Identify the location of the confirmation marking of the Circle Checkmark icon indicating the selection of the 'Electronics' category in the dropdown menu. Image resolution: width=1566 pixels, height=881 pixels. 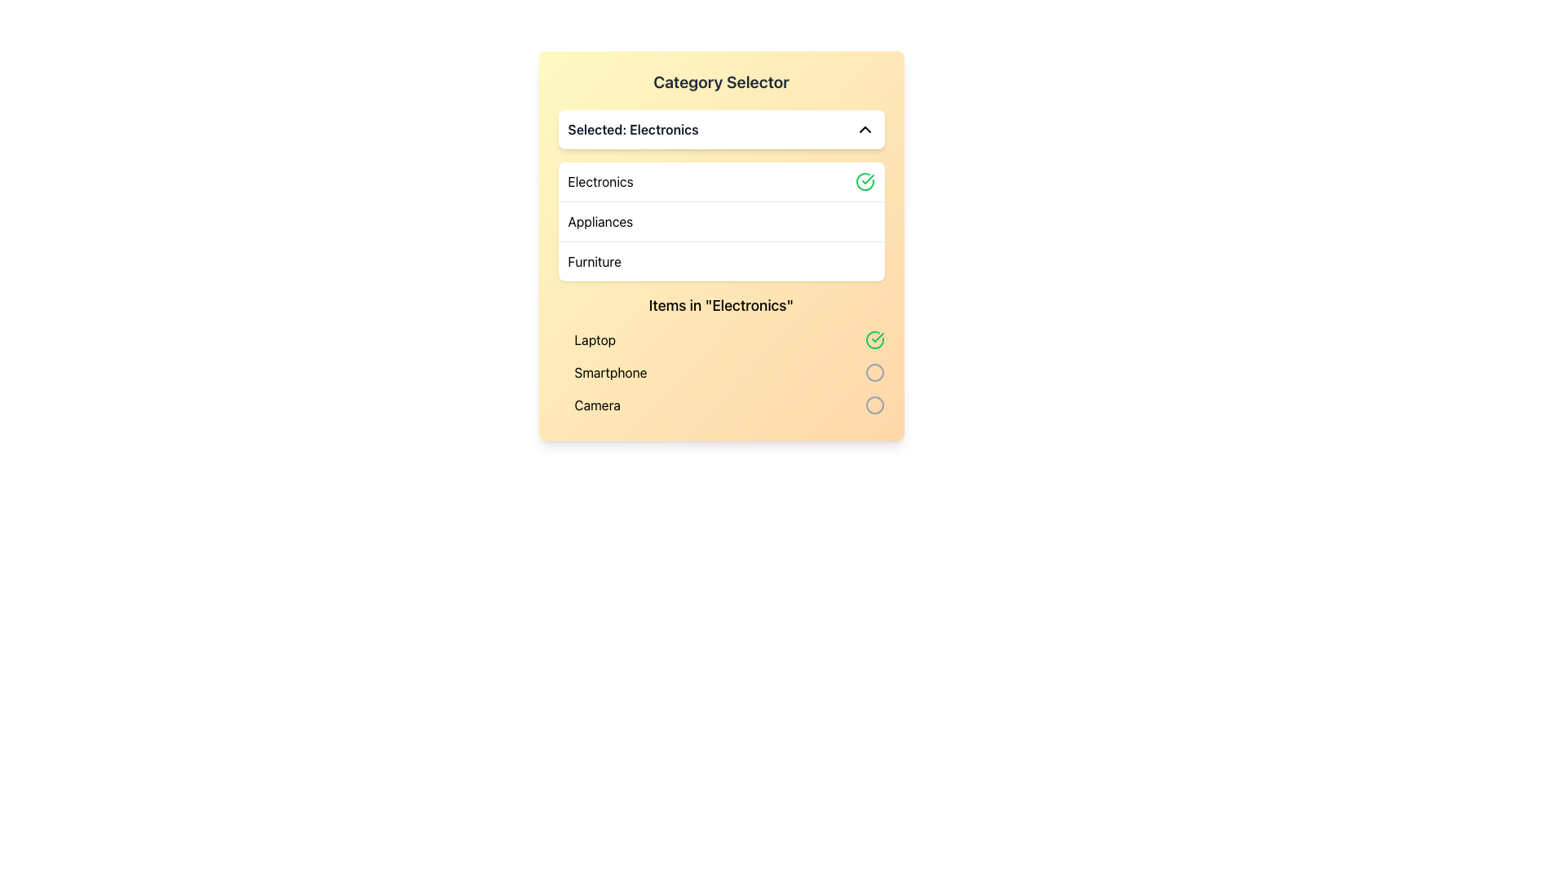
(864, 182).